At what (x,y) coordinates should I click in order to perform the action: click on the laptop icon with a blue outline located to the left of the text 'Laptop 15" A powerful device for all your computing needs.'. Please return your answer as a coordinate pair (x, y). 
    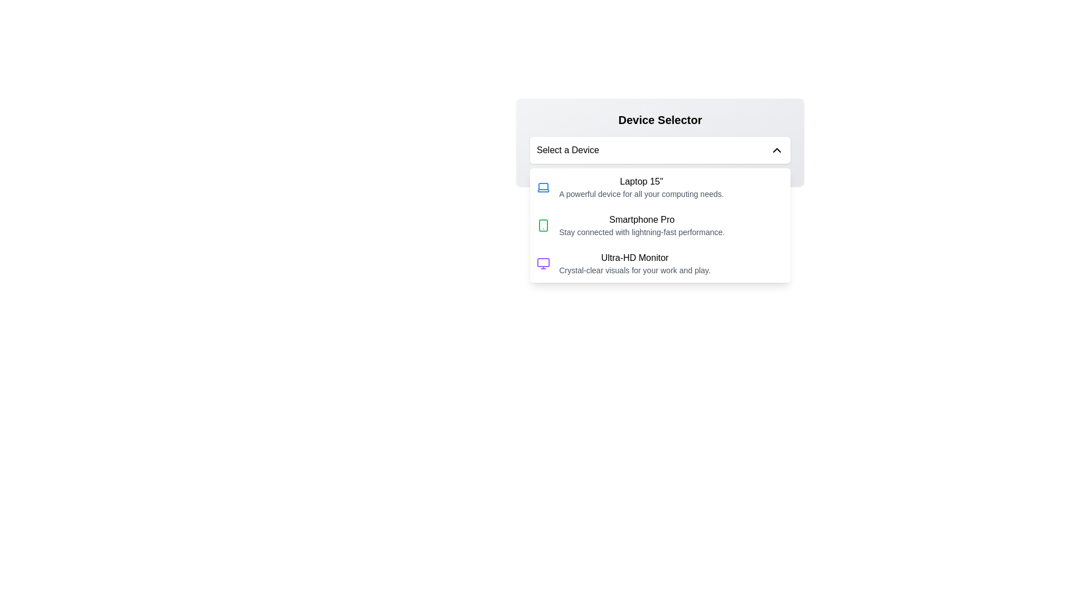
    Looking at the image, I should click on (543, 187).